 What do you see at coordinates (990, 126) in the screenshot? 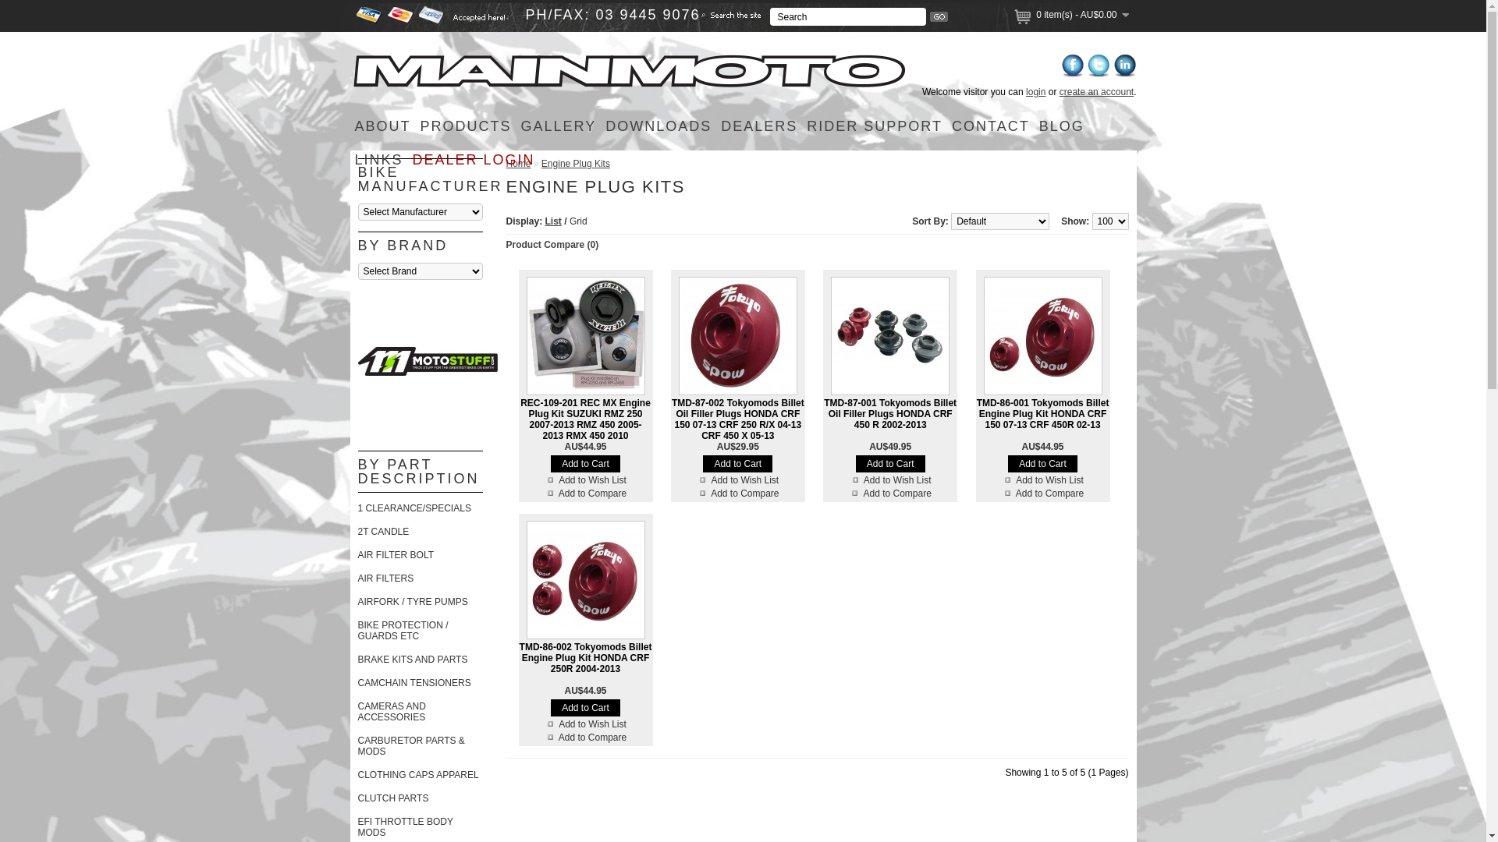
I see `'CONTACT'` at bounding box center [990, 126].